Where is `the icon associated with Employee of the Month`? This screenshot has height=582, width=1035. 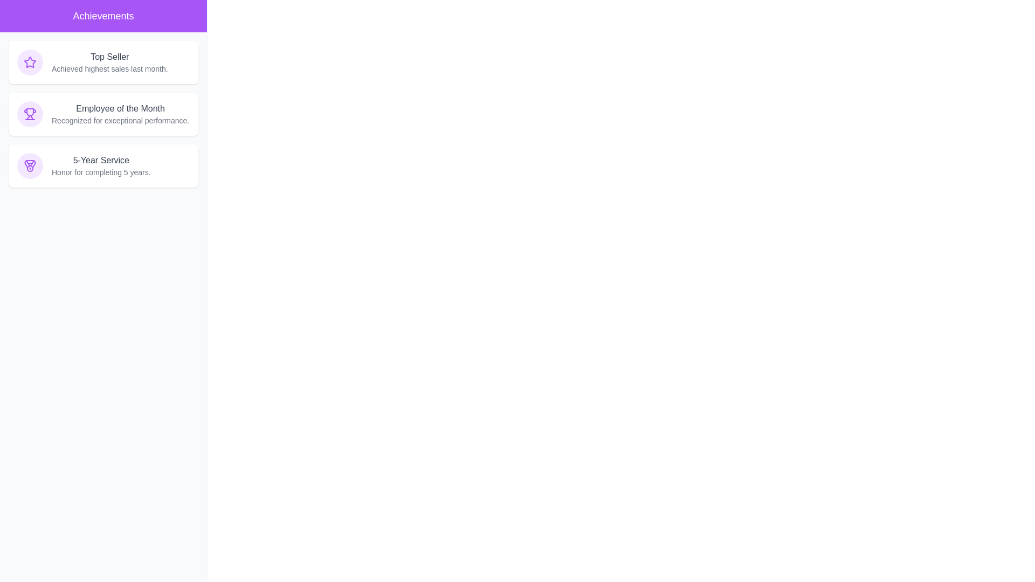
the icon associated with Employee of the Month is located at coordinates (30, 114).